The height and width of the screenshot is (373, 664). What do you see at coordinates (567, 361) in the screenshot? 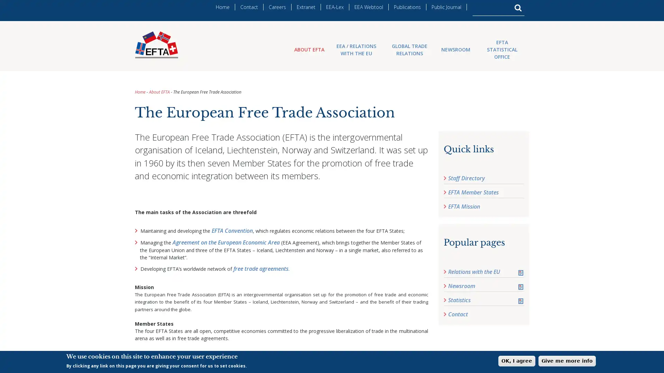
I see `Give me more info` at bounding box center [567, 361].